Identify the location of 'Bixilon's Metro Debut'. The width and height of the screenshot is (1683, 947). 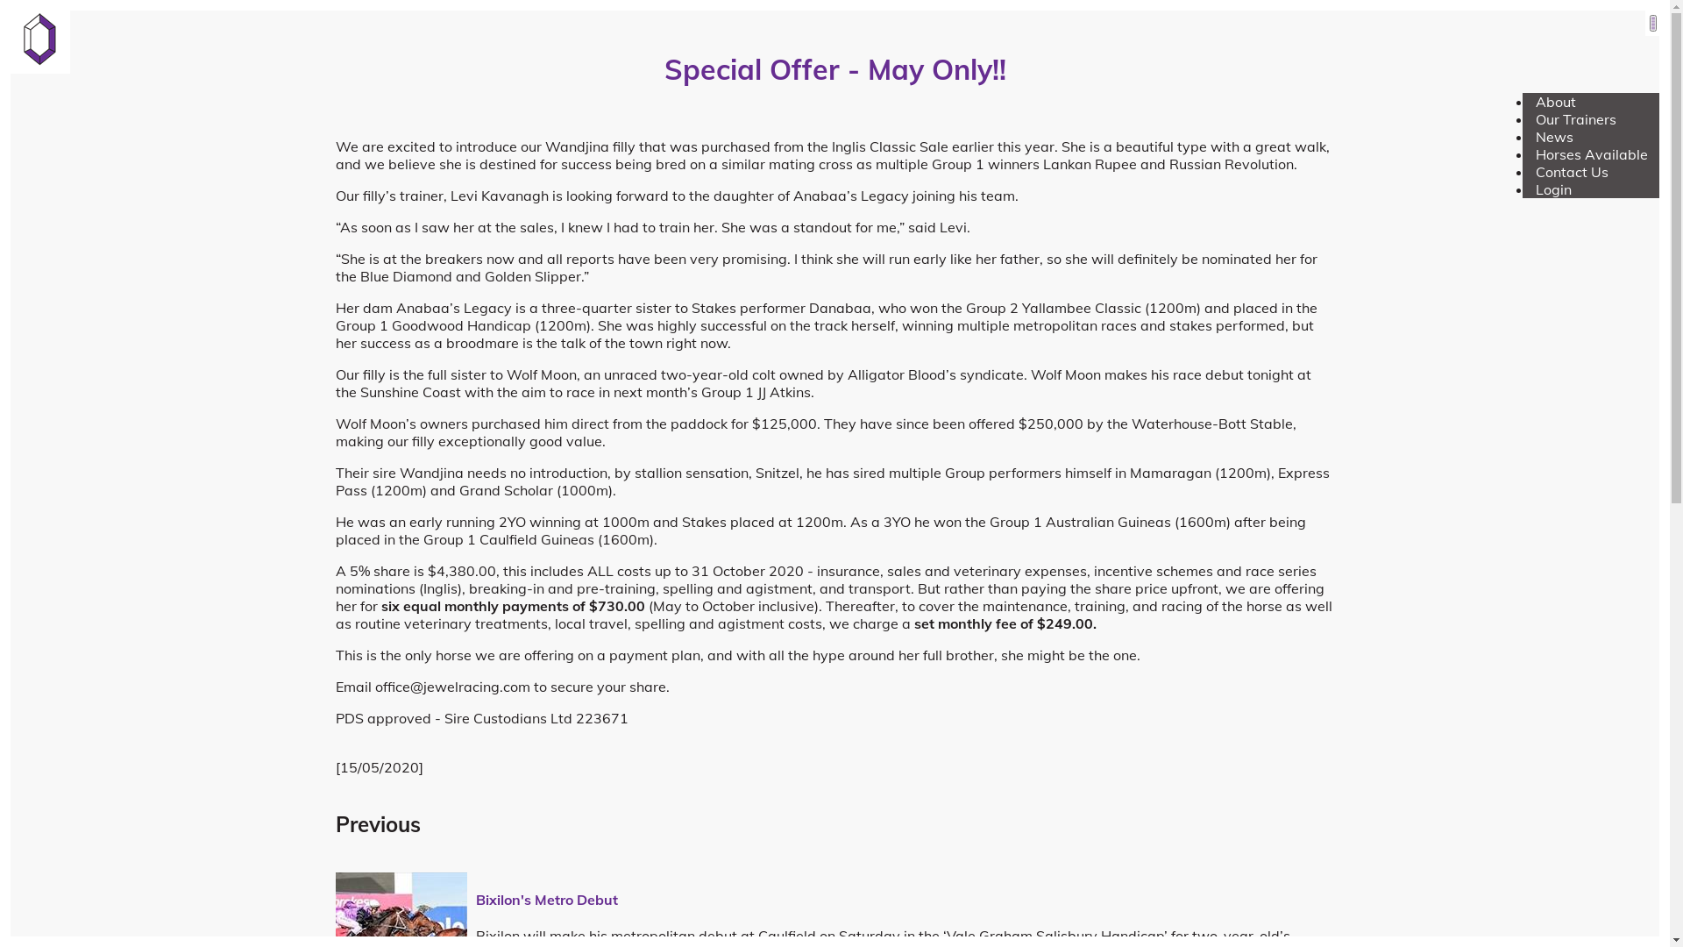
(545, 900).